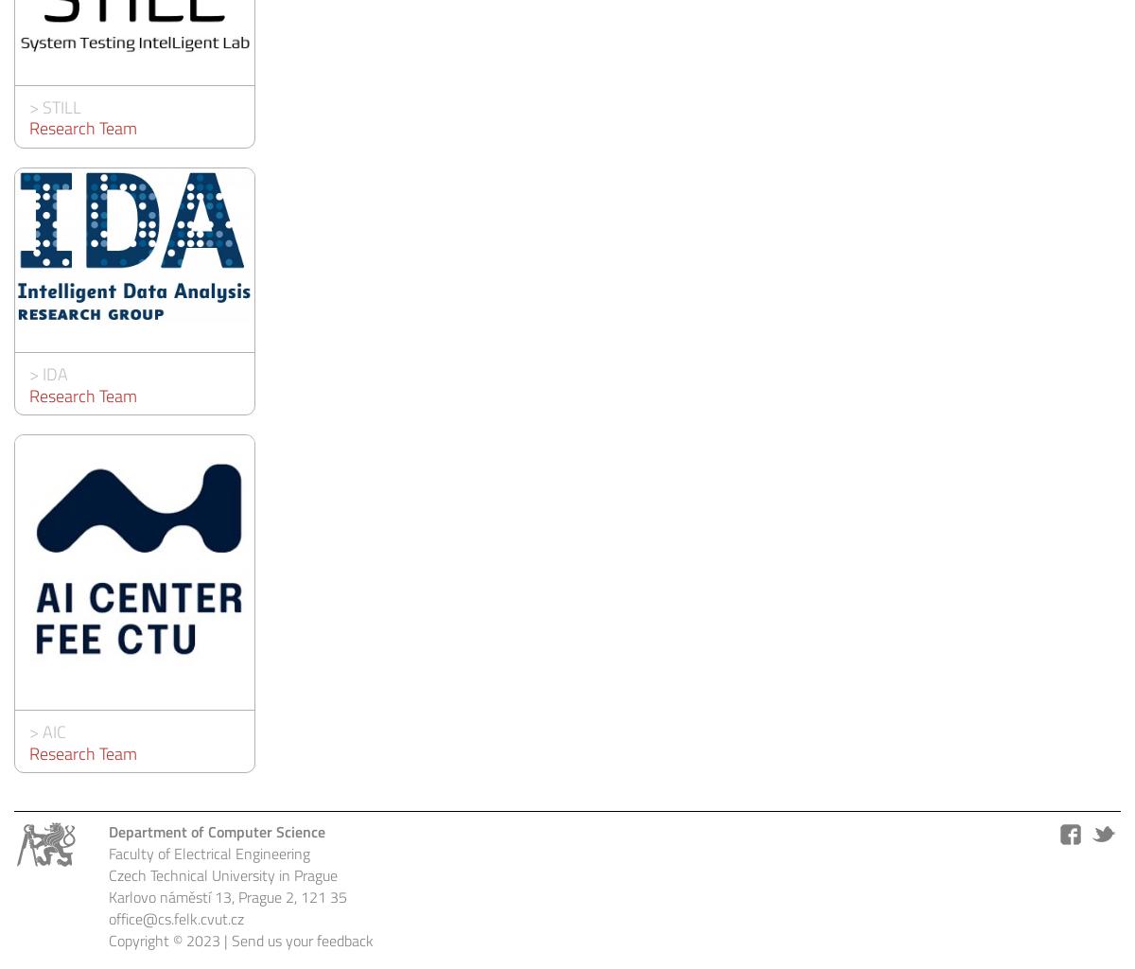 The width and height of the screenshot is (1135, 969). Describe the element at coordinates (54, 731) in the screenshot. I see `'AIC'` at that location.